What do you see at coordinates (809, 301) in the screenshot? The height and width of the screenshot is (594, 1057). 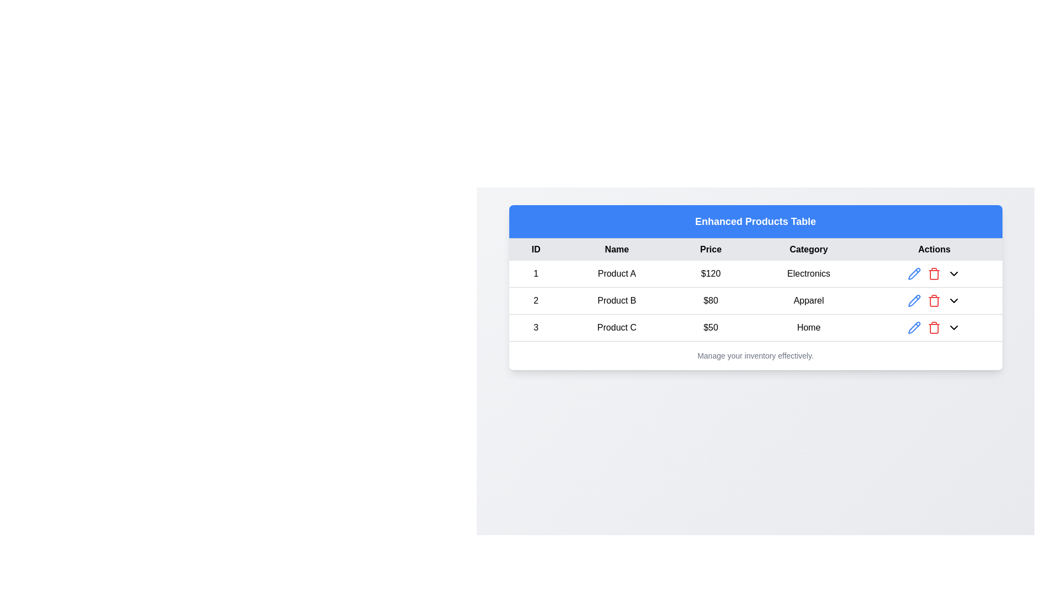 I see `text label displaying 'Apparel', which is located in the category column of the row for 'Product B'` at bounding box center [809, 301].